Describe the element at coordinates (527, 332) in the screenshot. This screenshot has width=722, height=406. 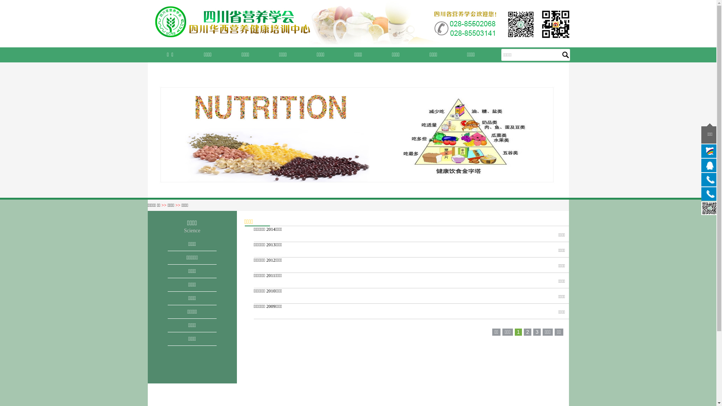
I see `'2'` at that location.